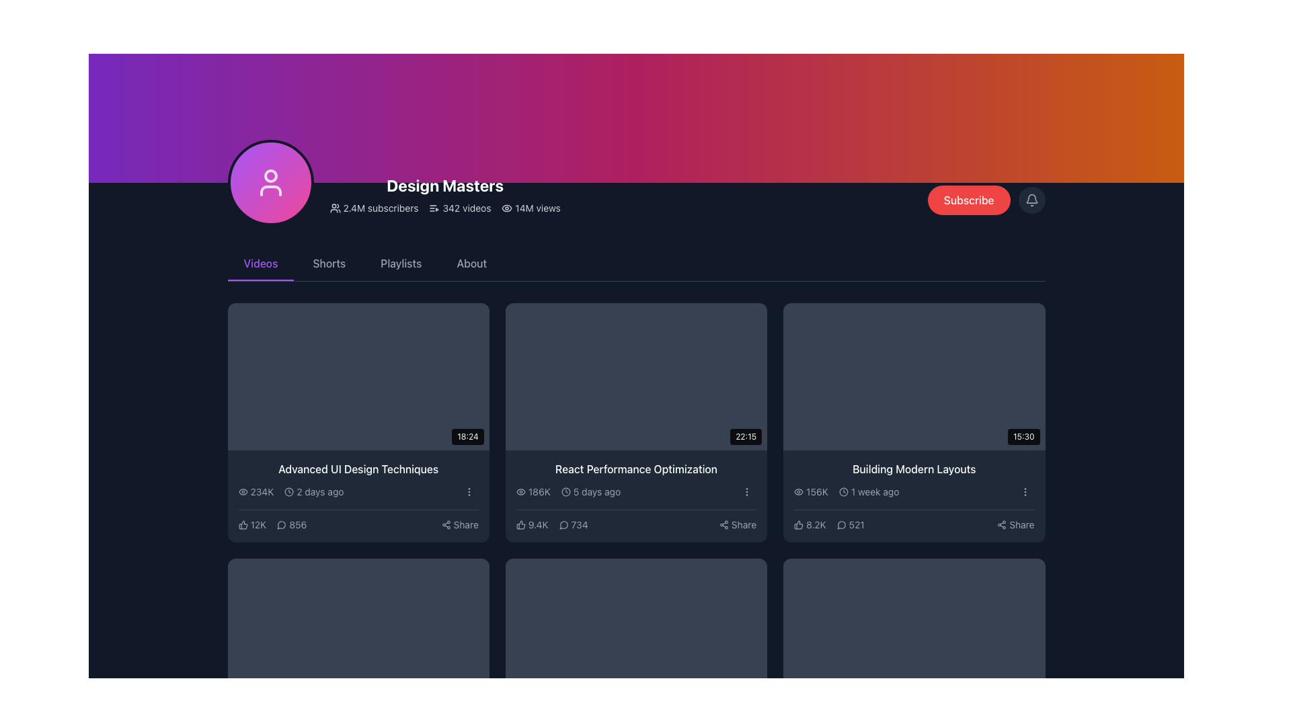 The image size is (1291, 726). I want to click on the 'Share' button, which is styled with an icon and small text, located in the bottom-right section of the interface beneath the 'React Performance Optimization' video thumbnail, so click(737, 524).